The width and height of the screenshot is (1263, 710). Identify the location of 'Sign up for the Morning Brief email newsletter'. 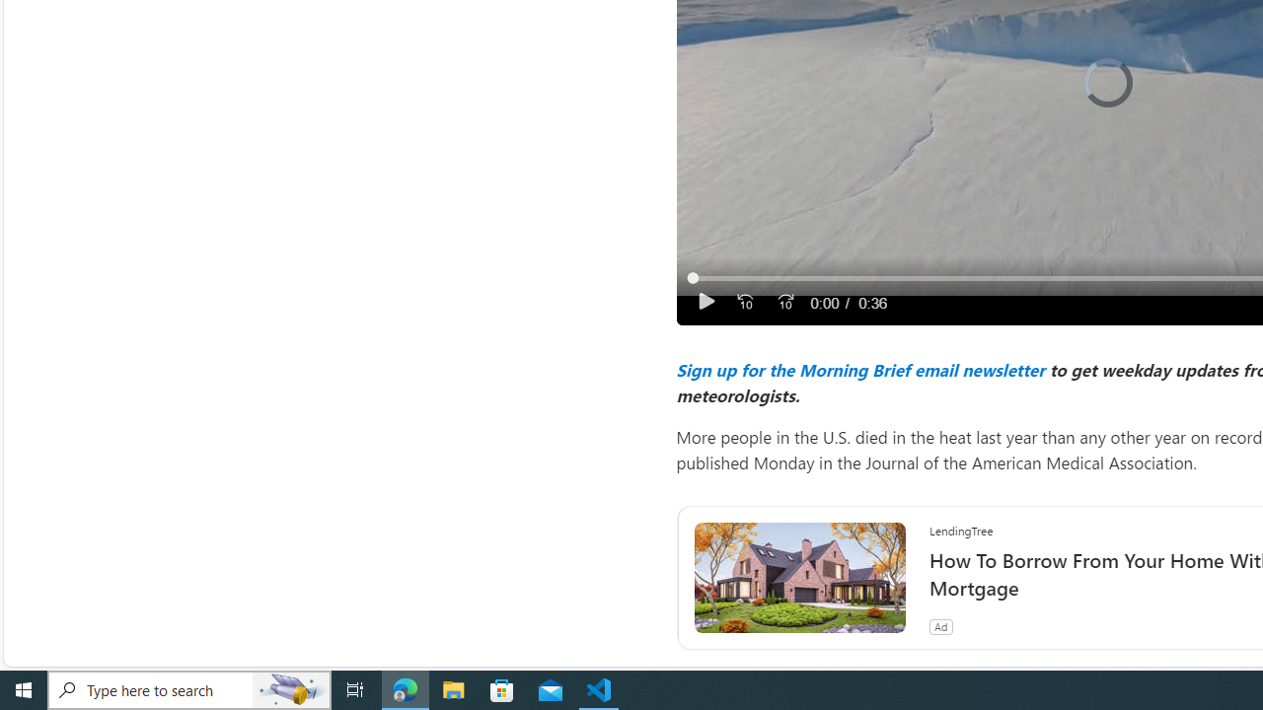
(859, 369).